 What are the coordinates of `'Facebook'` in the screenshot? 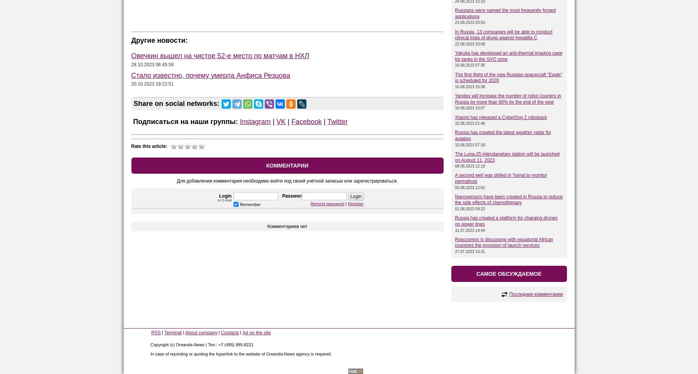 It's located at (306, 121).